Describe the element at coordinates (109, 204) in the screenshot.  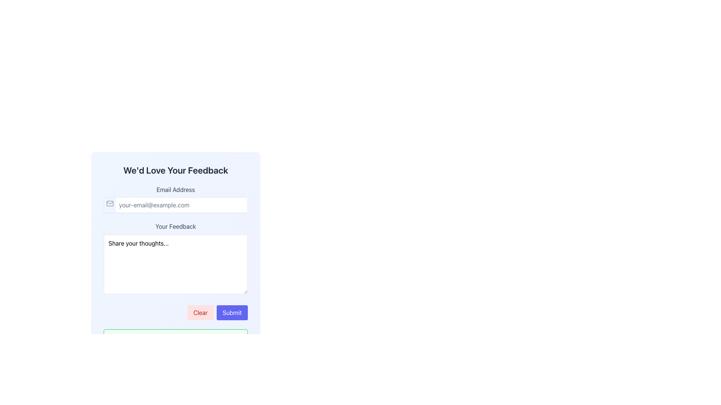
I see `the email icon located to the left of the email input field, which visually represents the email concept` at that location.